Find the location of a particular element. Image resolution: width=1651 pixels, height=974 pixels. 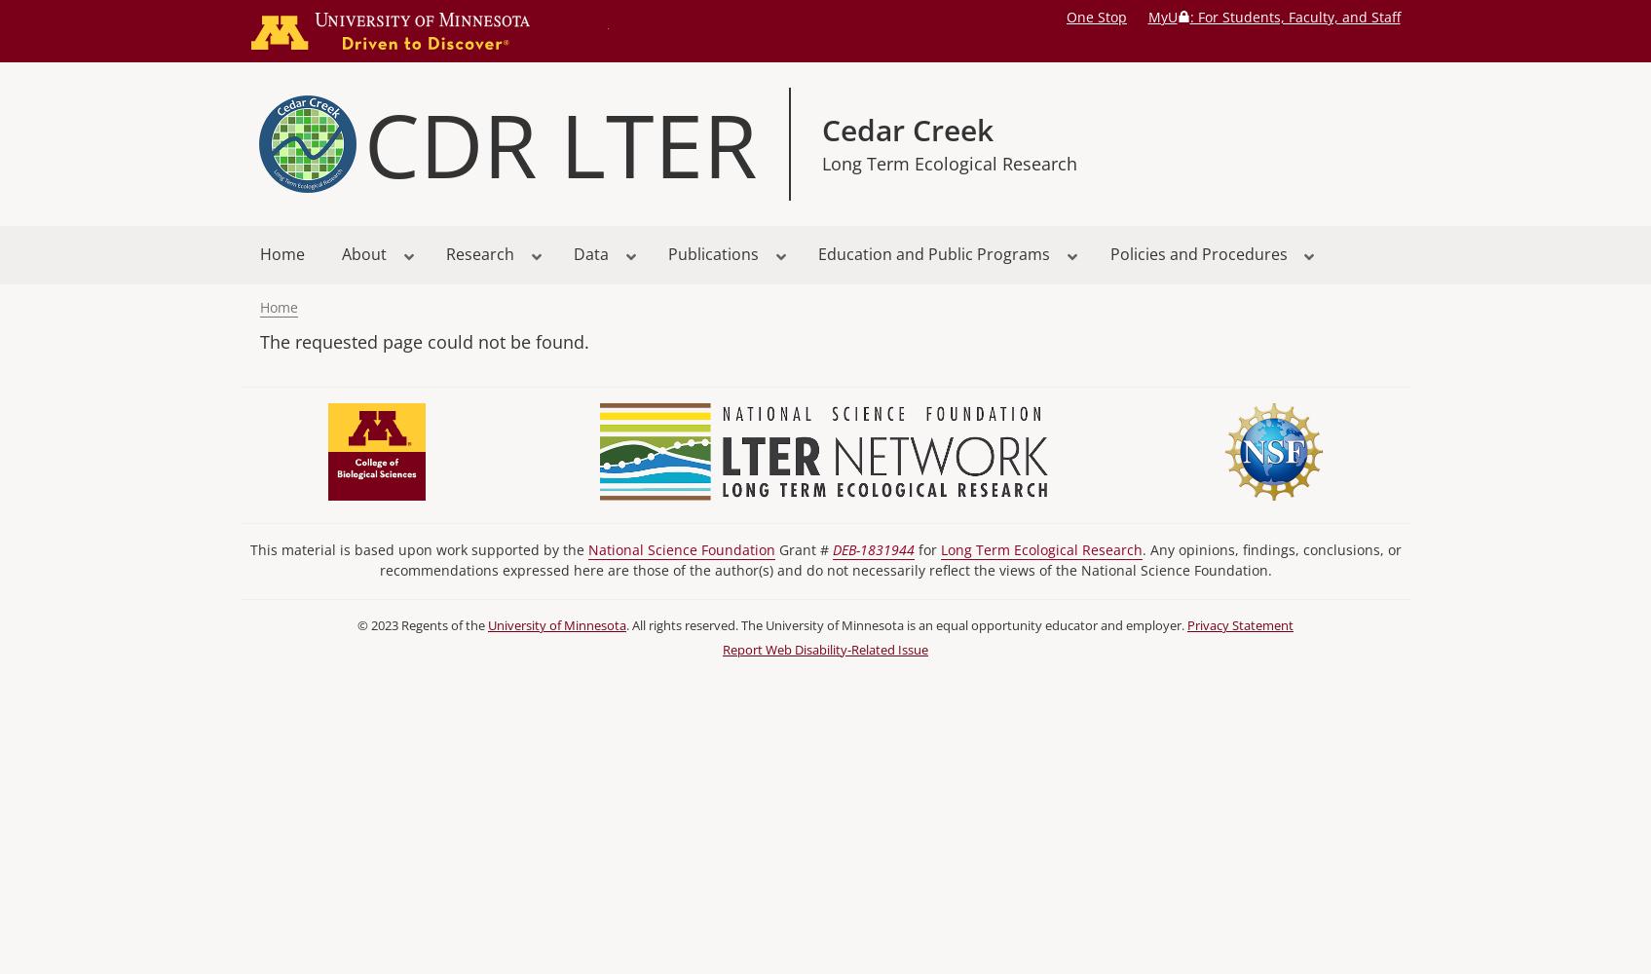

'Privacy Statement' is located at coordinates (1239, 625).